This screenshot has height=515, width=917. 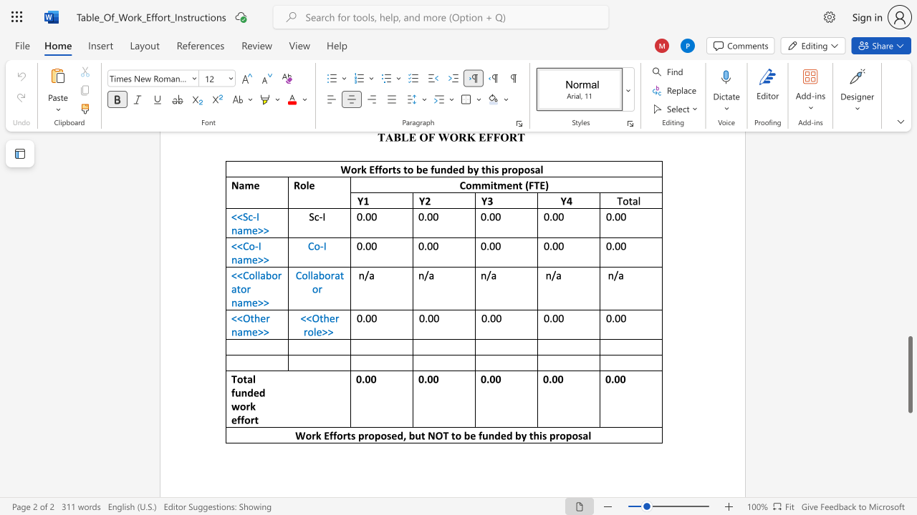 What do you see at coordinates (909, 177) in the screenshot?
I see `the scrollbar to move the page up` at bounding box center [909, 177].